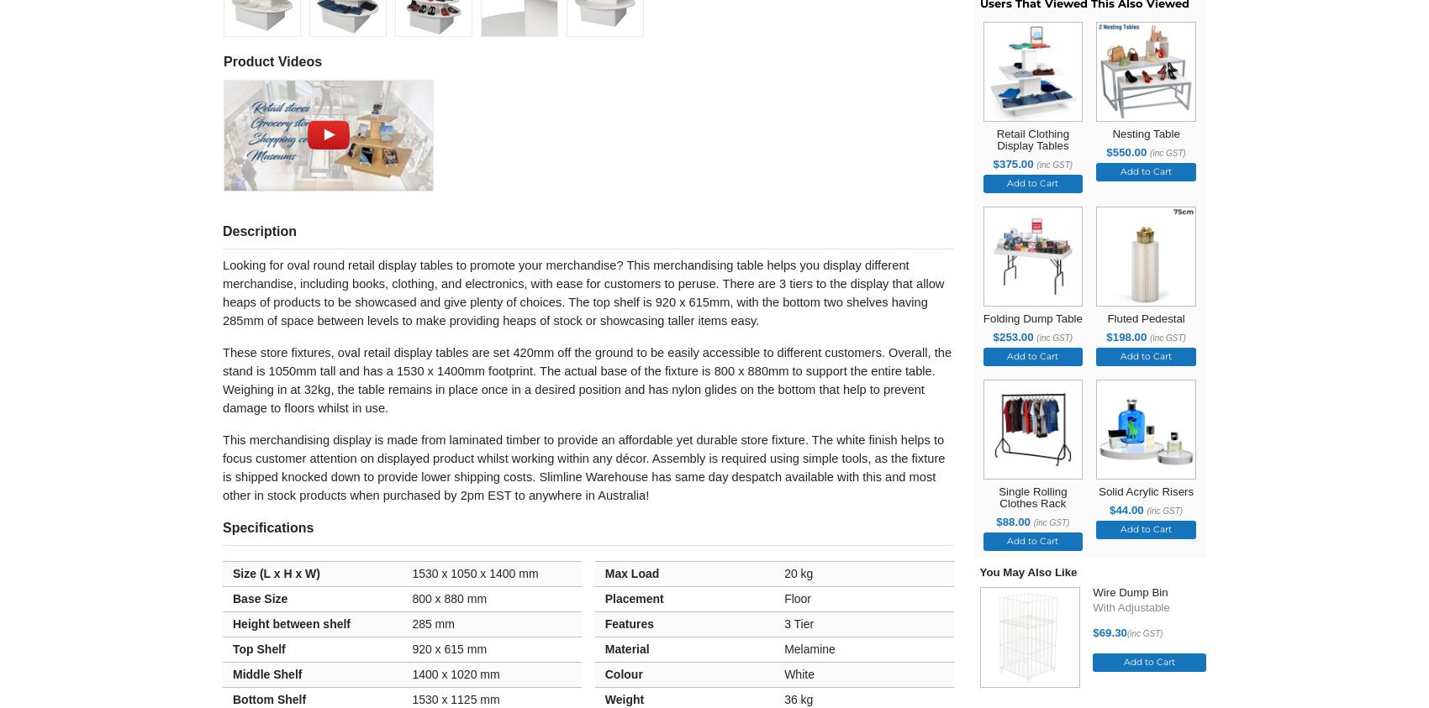 The width and height of the screenshot is (1429, 708). Describe the element at coordinates (632, 597) in the screenshot. I see `'Placement'` at that location.